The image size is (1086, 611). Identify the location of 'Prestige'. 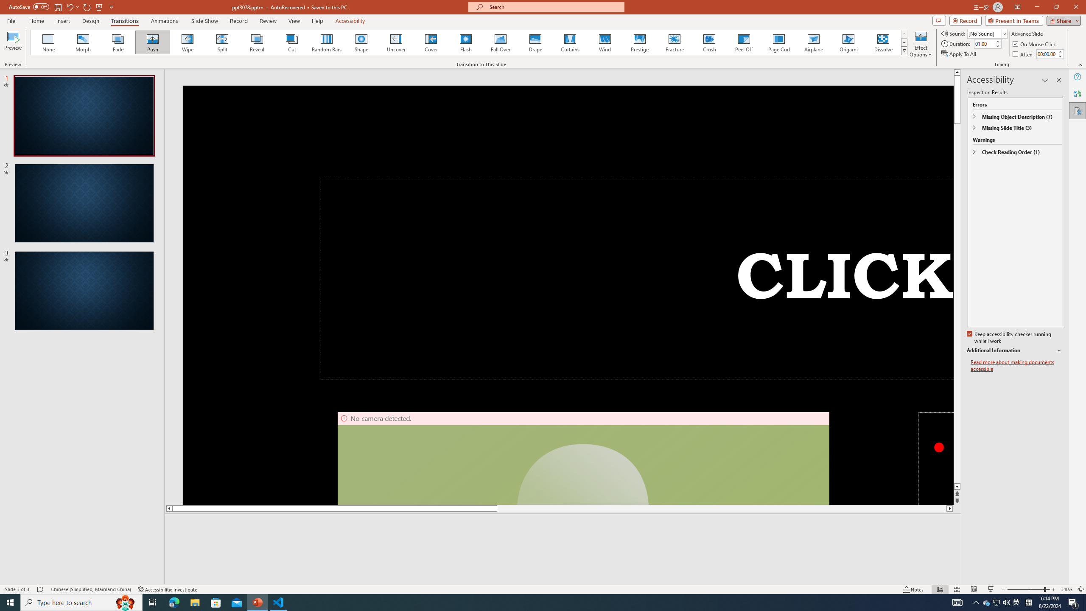
(639, 42).